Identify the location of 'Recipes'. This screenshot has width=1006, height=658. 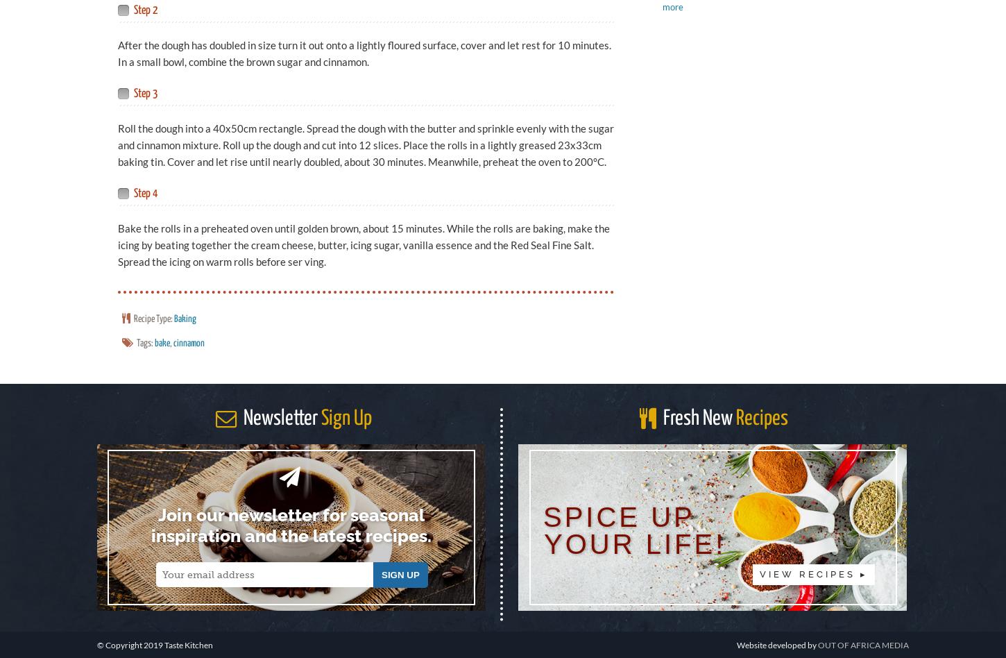
(760, 418).